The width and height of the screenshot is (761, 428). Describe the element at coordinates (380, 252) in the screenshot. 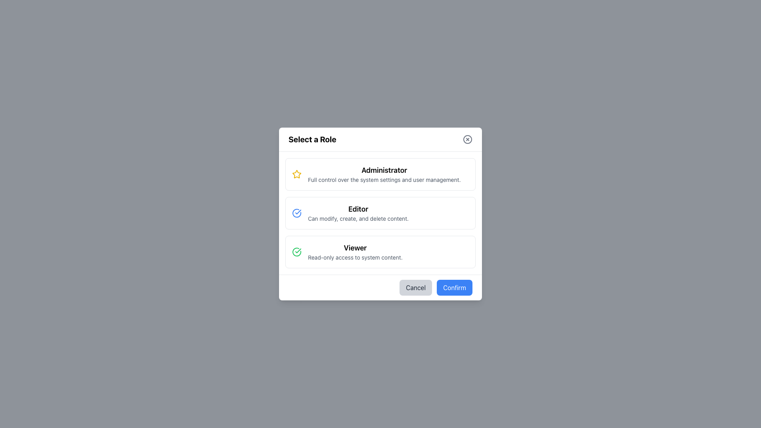

I see `the 'Viewer' role option in the 'Select a Role' dialog box` at that location.